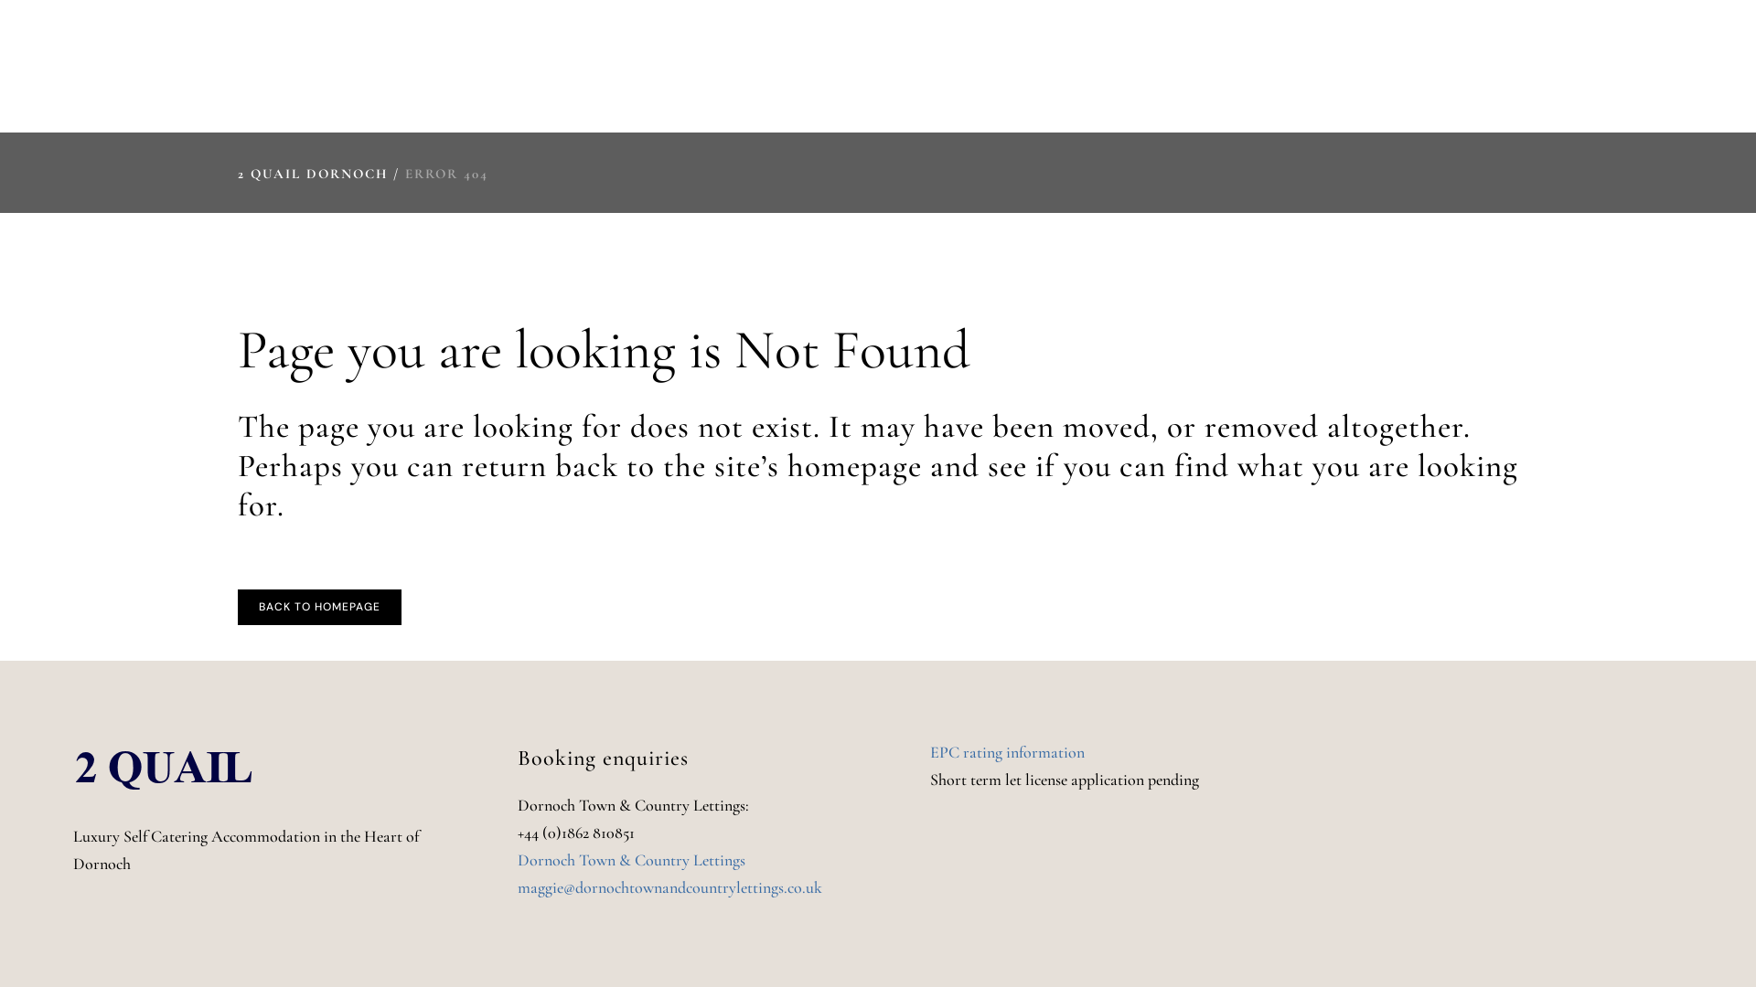  What do you see at coordinates (669, 886) in the screenshot?
I see `'maggie@dornochtownandcountrylettings.co.uk'` at bounding box center [669, 886].